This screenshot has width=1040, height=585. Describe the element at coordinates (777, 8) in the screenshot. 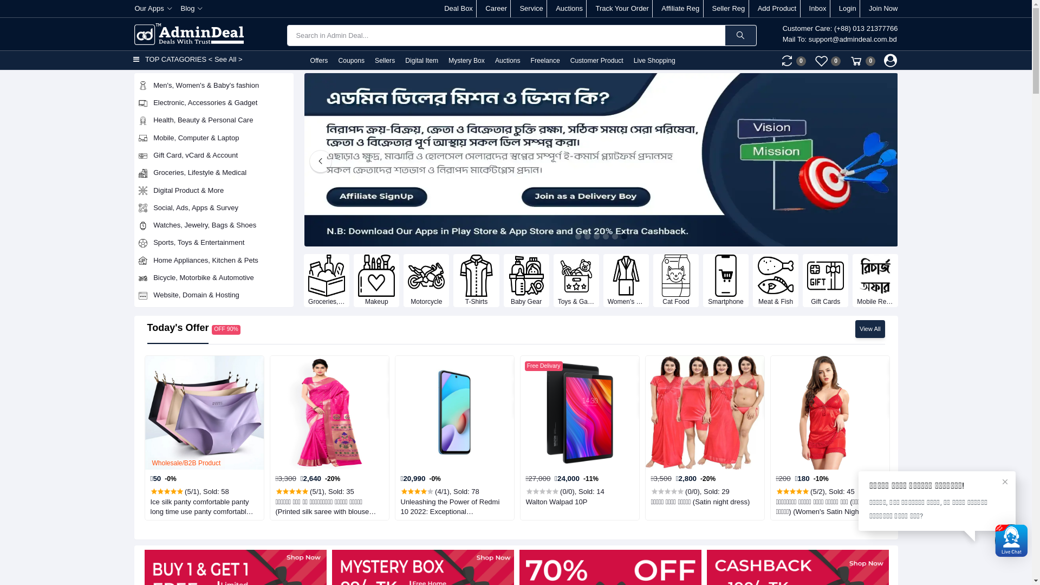

I see `'Add Product'` at that location.